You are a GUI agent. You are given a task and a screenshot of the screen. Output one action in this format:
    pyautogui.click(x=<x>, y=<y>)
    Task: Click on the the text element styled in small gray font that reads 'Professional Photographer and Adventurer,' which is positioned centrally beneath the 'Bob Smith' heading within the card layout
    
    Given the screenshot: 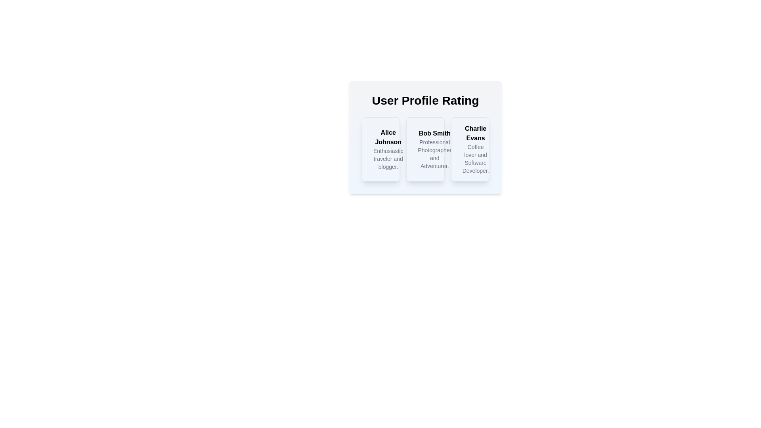 What is the action you would take?
    pyautogui.click(x=434, y=154)
    